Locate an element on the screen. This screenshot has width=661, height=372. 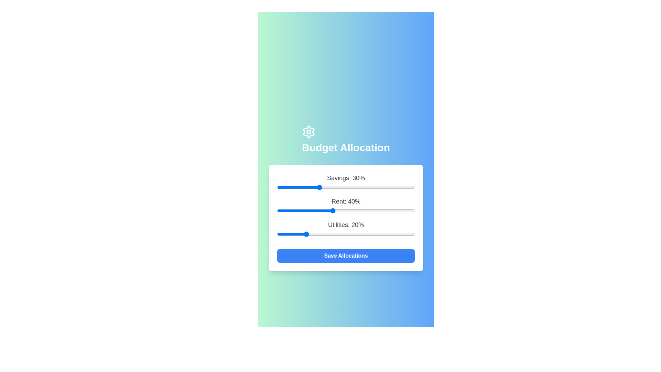
the 'Savings' slider to 0% is located at coordinates (277, 187).